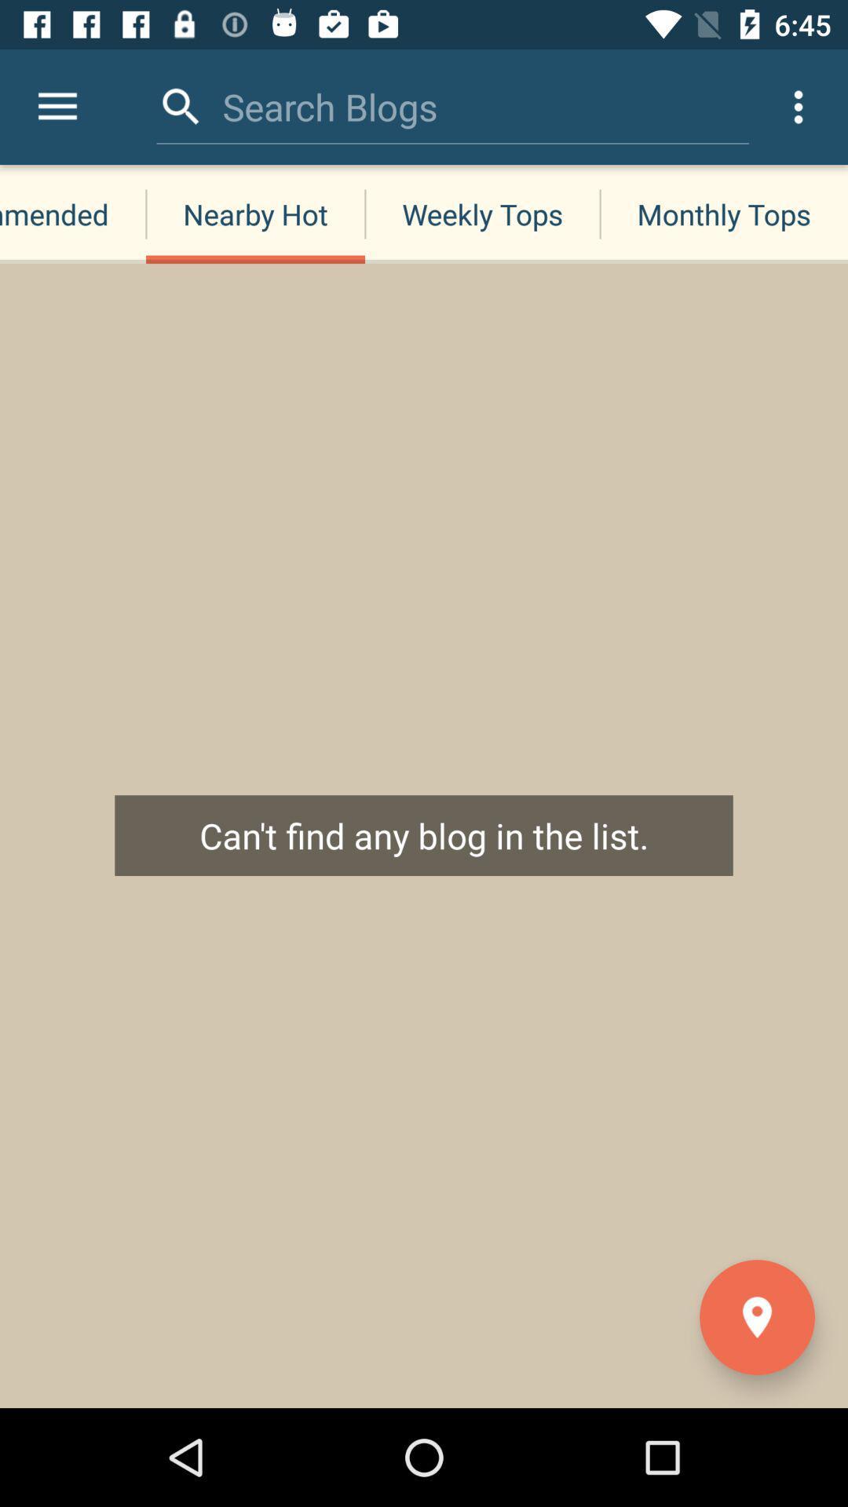 This screenshot has width=848, height=1507. What do you see at coordinates (329, 106) in the screenshot?
I see `the search blogs` at bounding box center [329, 106].